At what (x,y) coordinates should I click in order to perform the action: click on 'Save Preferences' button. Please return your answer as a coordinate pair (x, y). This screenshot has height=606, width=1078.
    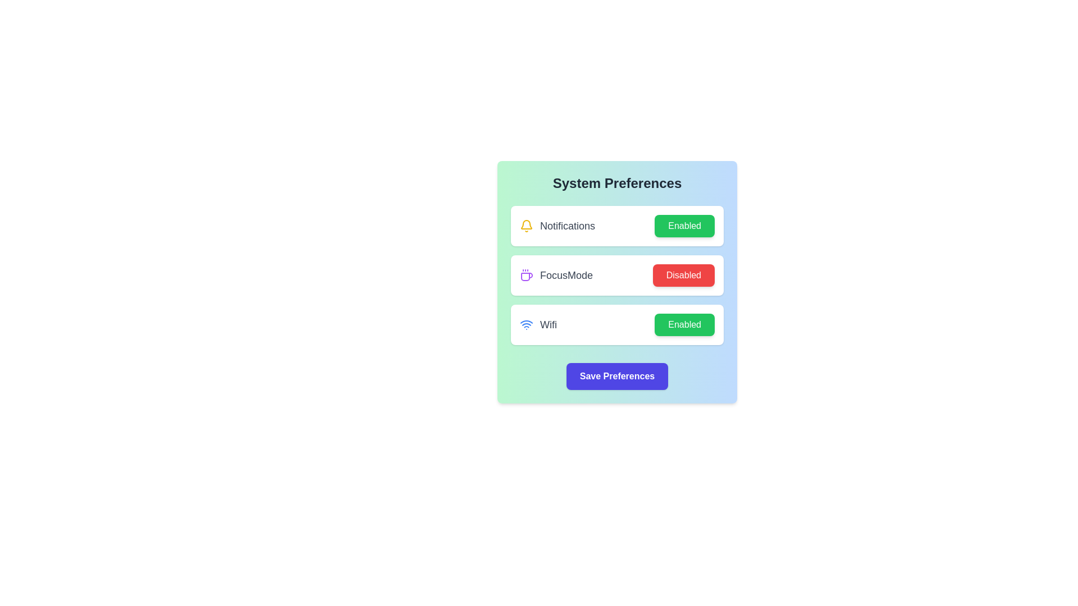
    Looking at the image, I should click on (616, 377).